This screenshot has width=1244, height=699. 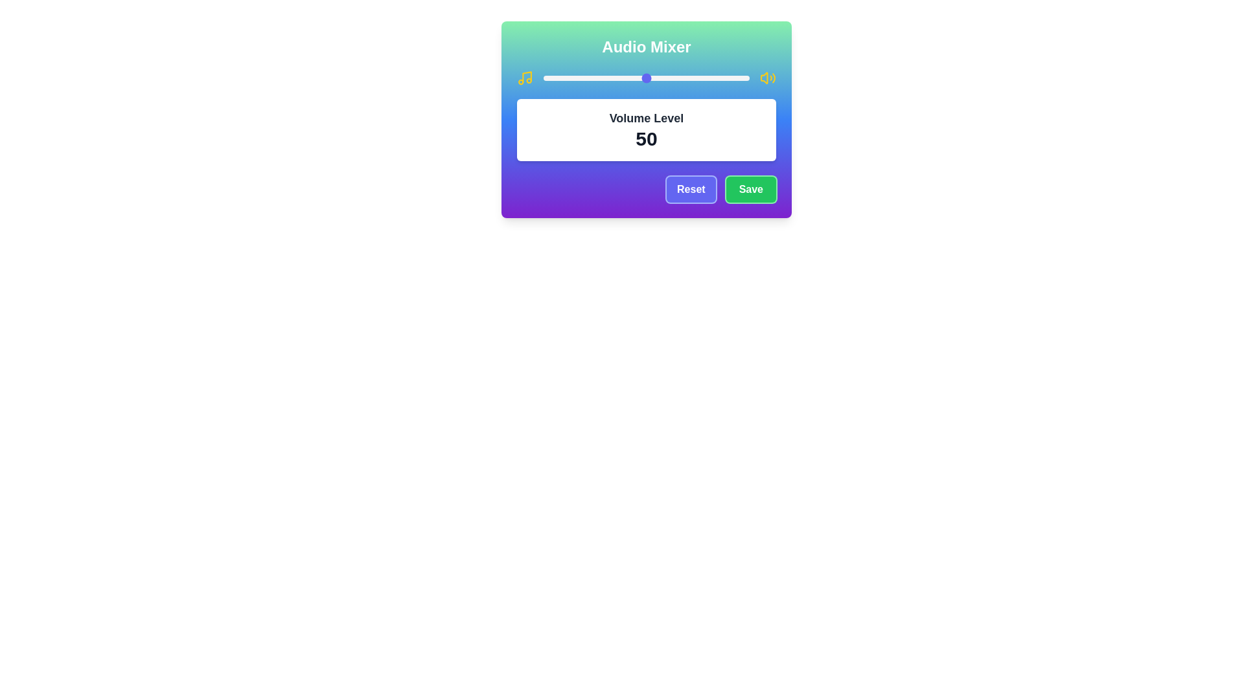 I want to click on the 'Volume Level' text displayed in bold, dark gray font above the numeric value '50' within a white background card, so click(x=647, y=118).